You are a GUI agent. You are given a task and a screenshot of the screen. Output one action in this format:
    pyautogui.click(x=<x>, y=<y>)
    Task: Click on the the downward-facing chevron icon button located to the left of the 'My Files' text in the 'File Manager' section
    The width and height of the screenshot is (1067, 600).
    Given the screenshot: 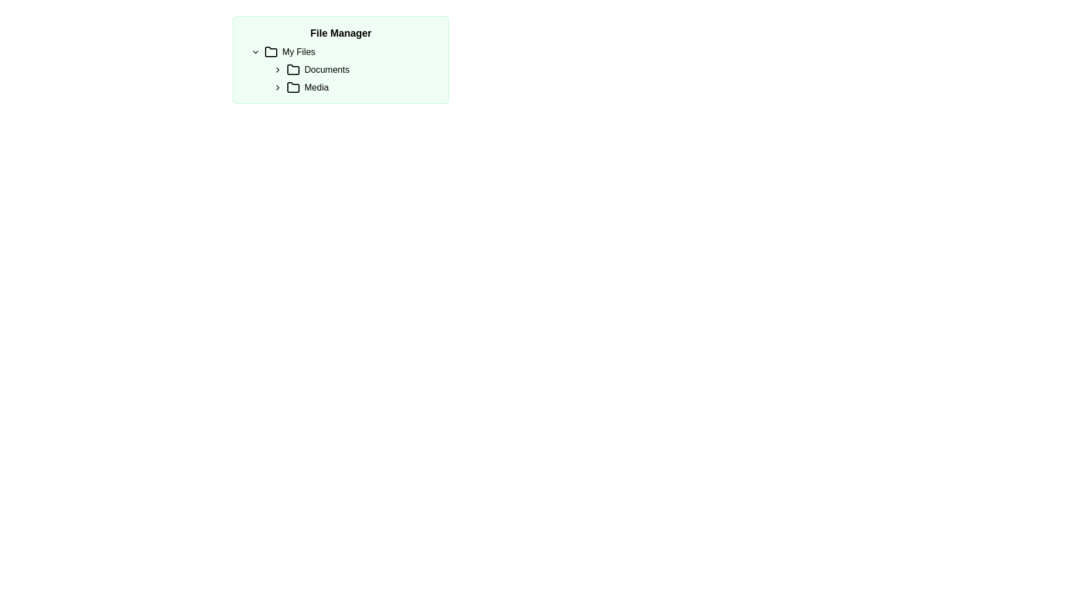 What is the action you would take?
    pyautogui.click(x=255, y=52)
    